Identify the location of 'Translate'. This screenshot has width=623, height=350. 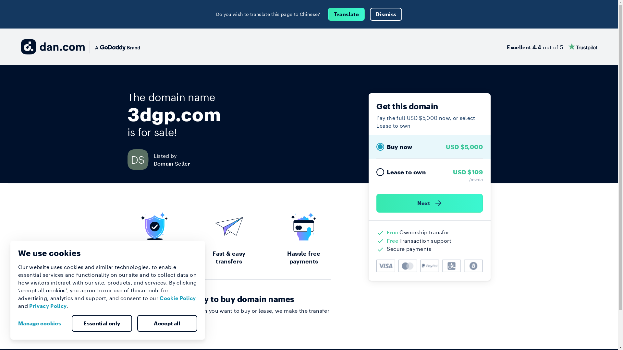
(346, 14).